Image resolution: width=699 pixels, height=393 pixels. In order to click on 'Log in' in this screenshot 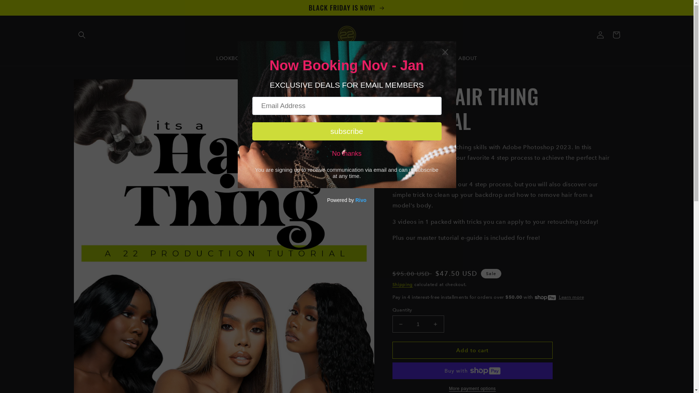, I will do `click(600, 35)`.